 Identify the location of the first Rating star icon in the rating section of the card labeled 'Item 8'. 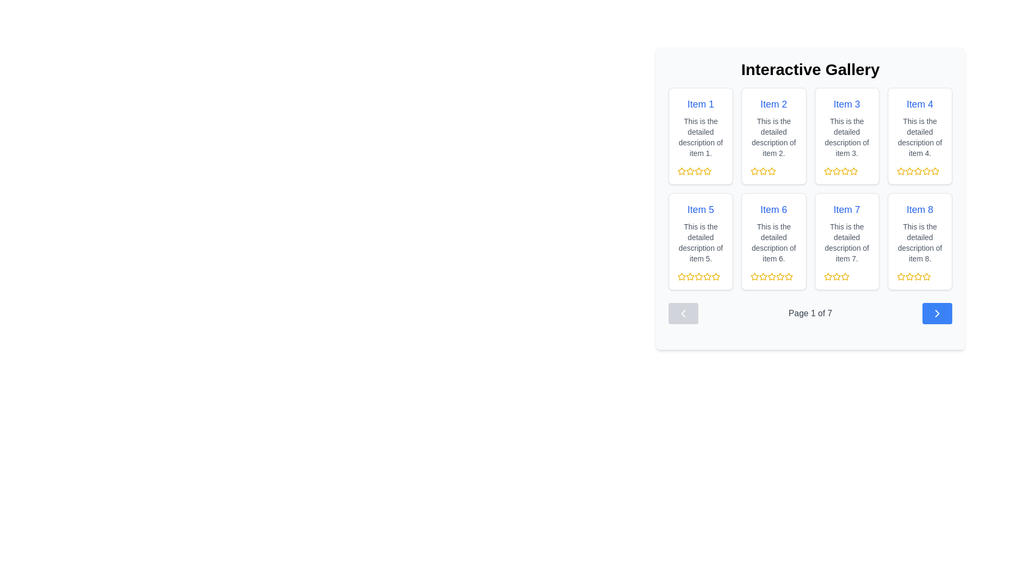
(900, 276).